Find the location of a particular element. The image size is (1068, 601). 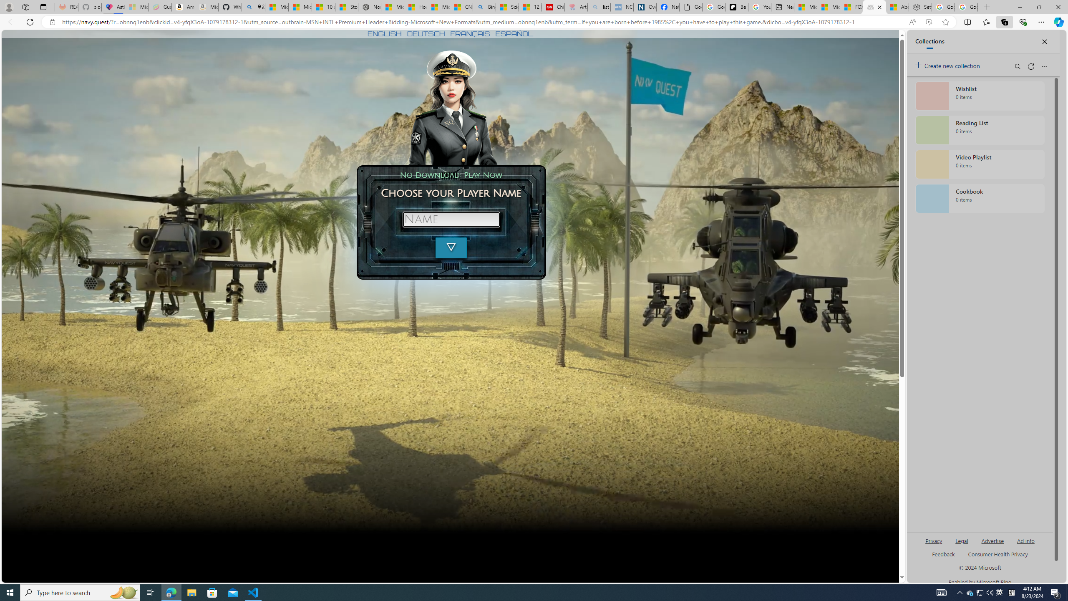

'How I Got Rid of Microsoft Edge' is located at coordinates (415, 7).